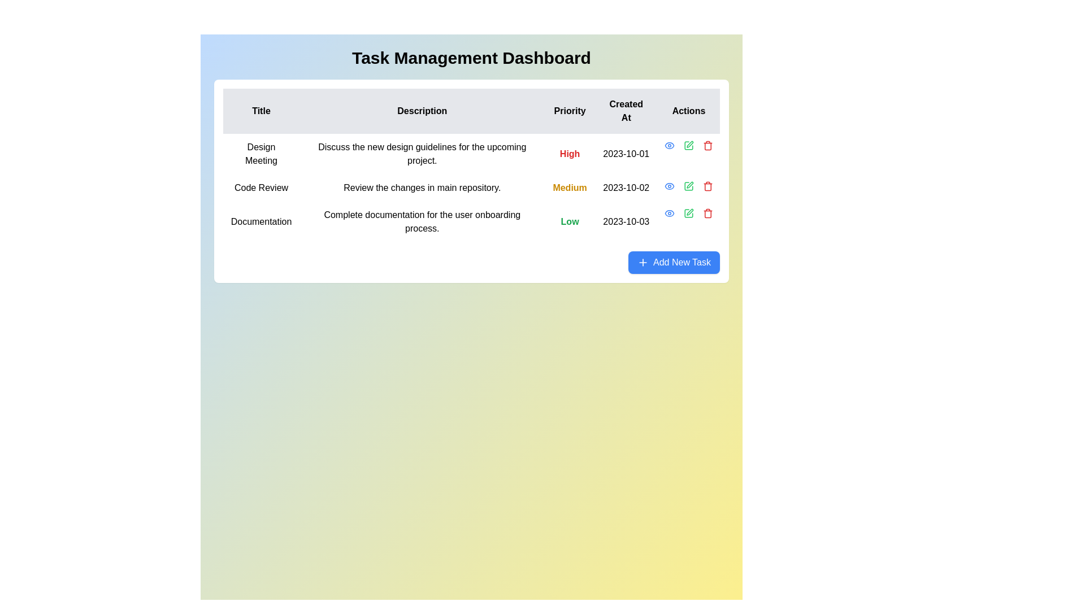 The width and height of the screenshot is (1085, 610). Describe the element at coordinates (570, 222) in the screenshot. I see `the 'Low' priority text label in the last row of the table, which indicates the priority level for the associated task 'Documentation.'` at that location.